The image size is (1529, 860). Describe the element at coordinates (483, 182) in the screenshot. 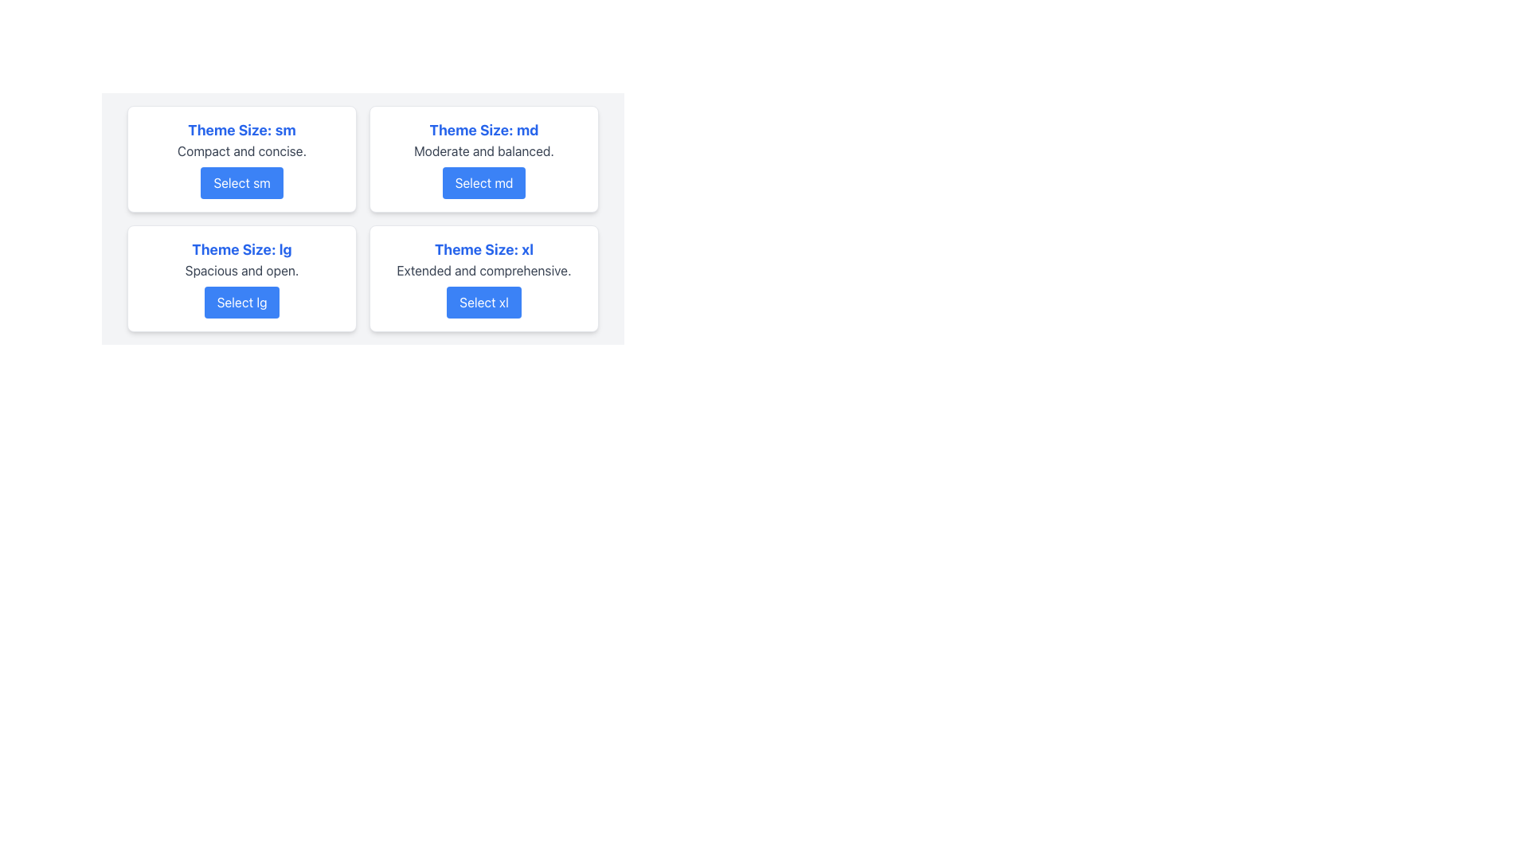

I see `the rectangular button with a blue background and white text reading 'Select md'` at that location.